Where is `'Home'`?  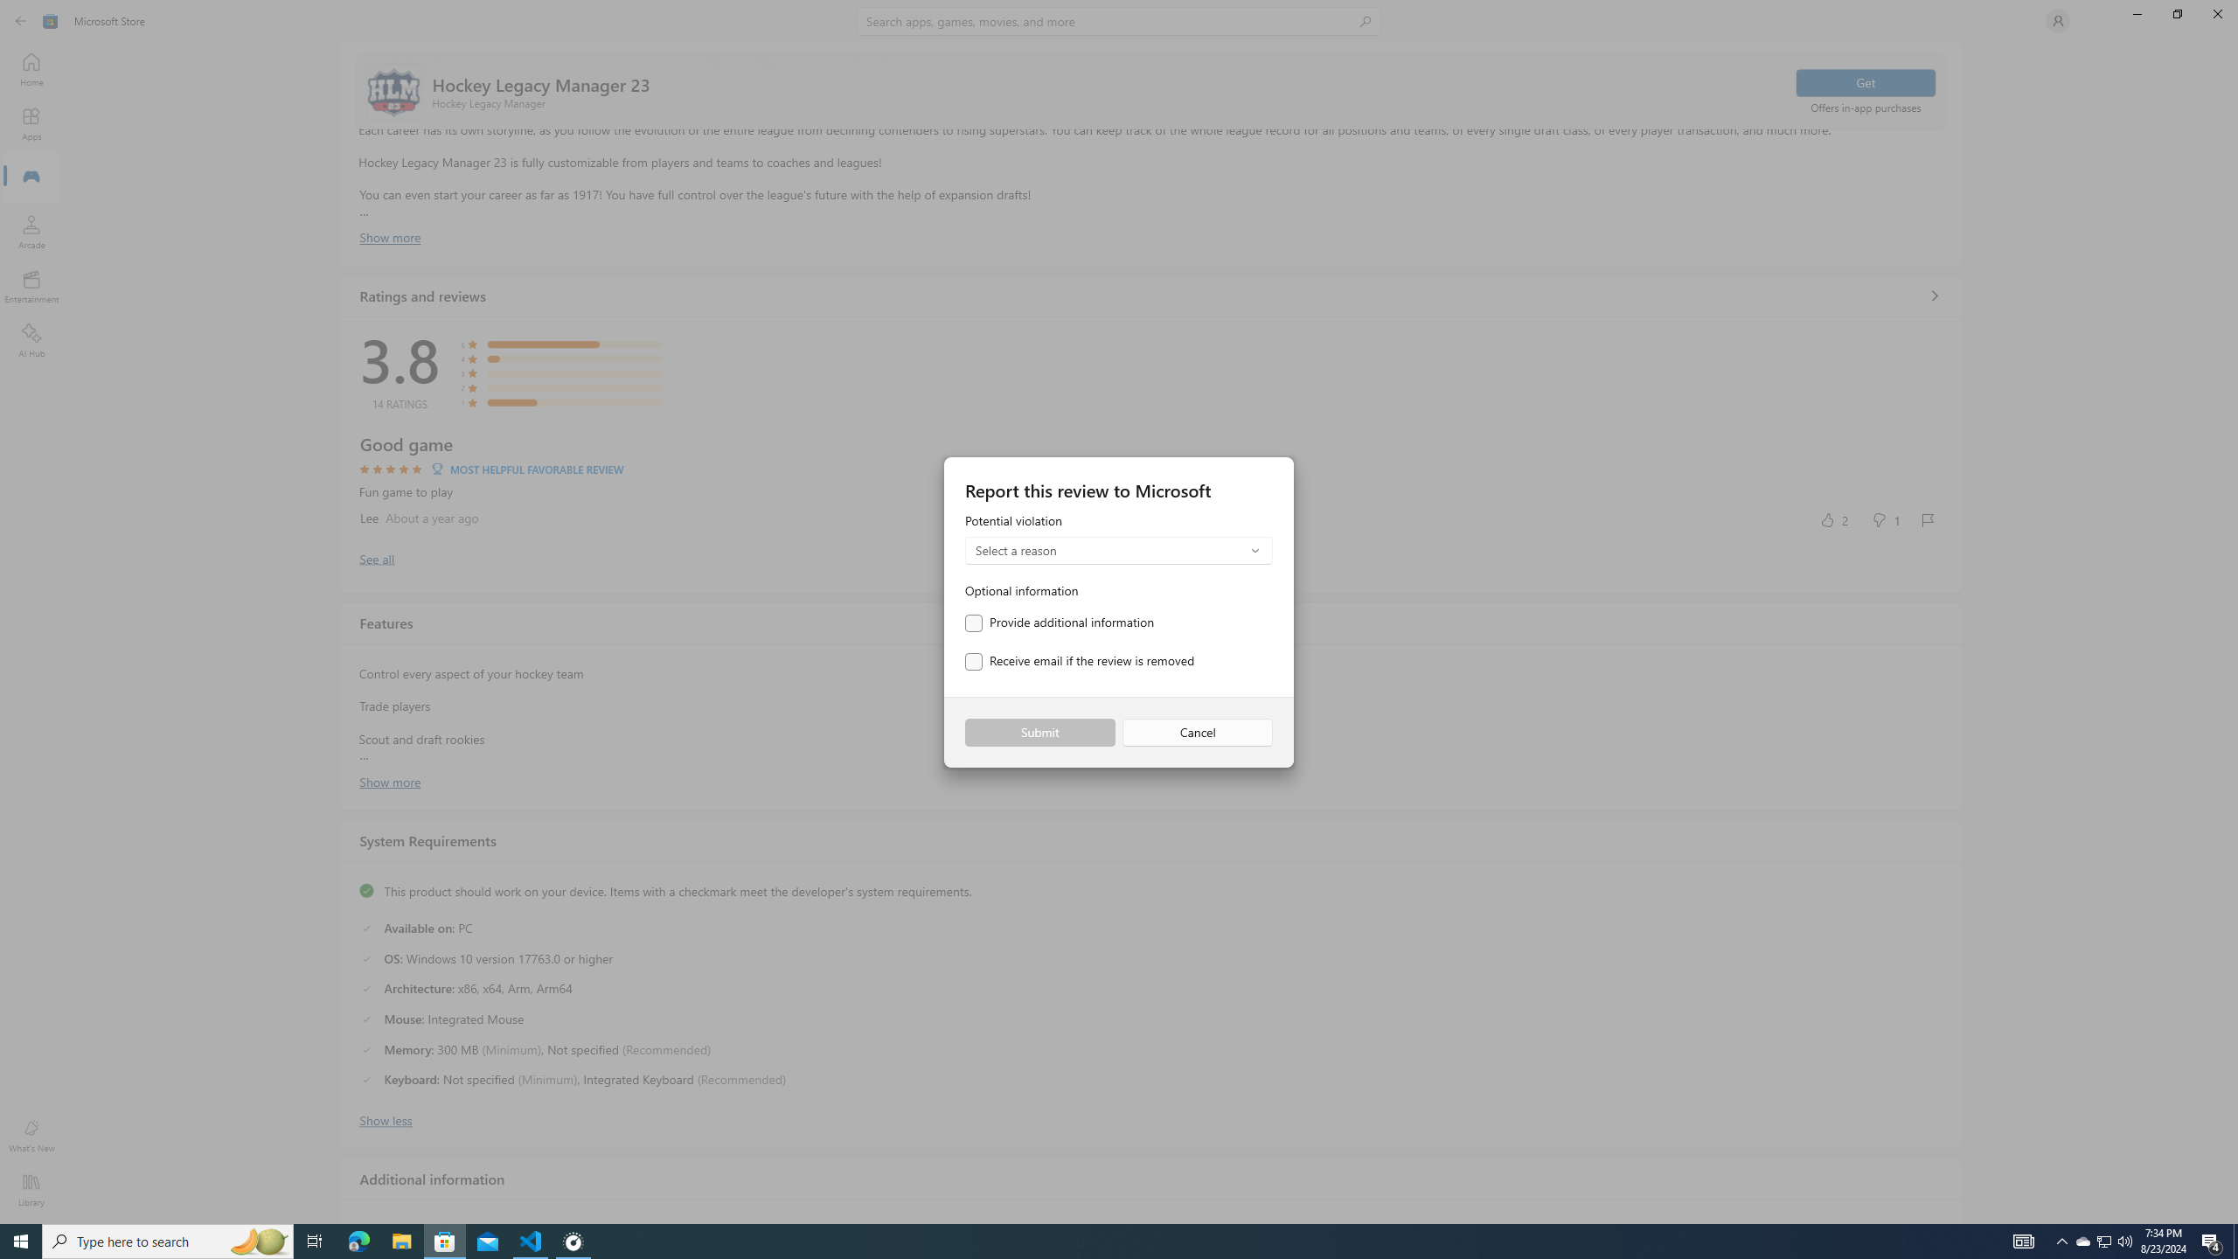 'Home' is located at coordinates (30, 68).